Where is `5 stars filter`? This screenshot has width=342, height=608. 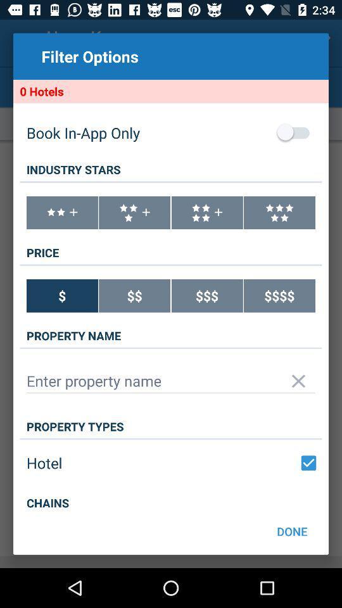 5 stars filter is located at coordinates (279, 213).